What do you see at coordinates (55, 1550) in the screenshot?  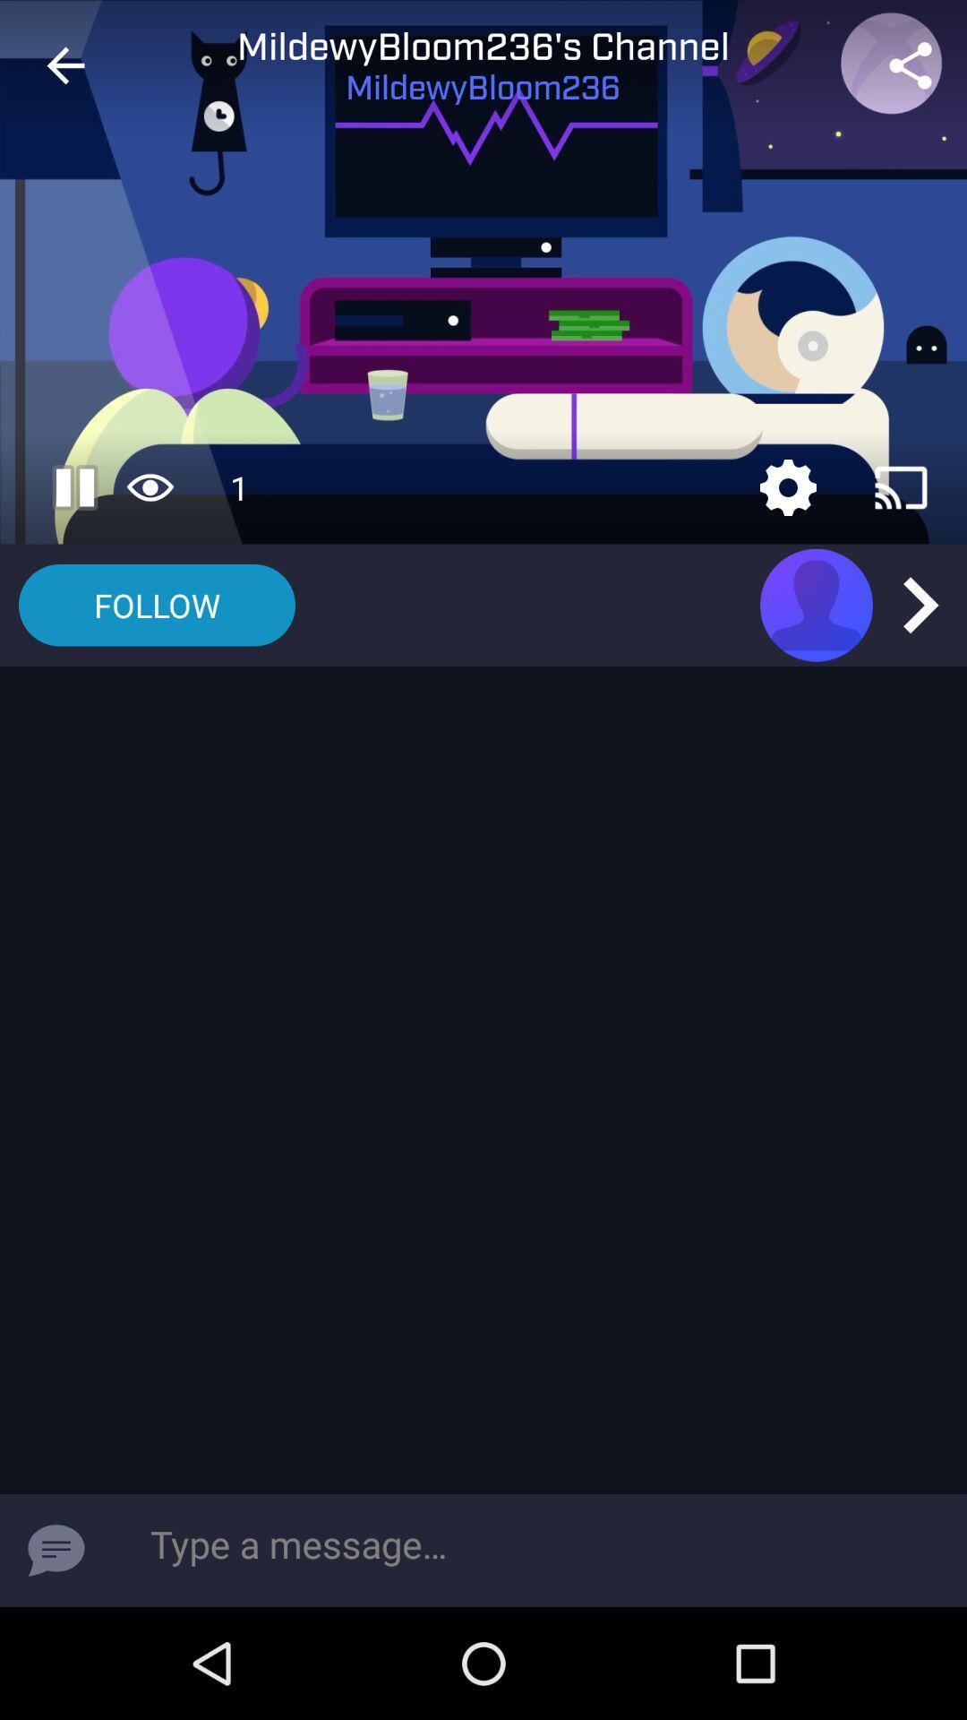 I see `send message` at bounding box center [55, 1550].